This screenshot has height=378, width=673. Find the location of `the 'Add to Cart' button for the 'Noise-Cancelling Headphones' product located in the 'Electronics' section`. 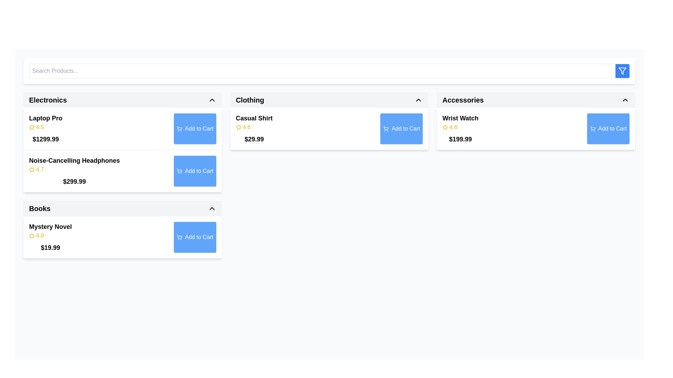

the 'Add to Cart' button for the 'Noise-Cancelling Headphones' product located in the 'Electronics' section is located at coordinates (195, 171).